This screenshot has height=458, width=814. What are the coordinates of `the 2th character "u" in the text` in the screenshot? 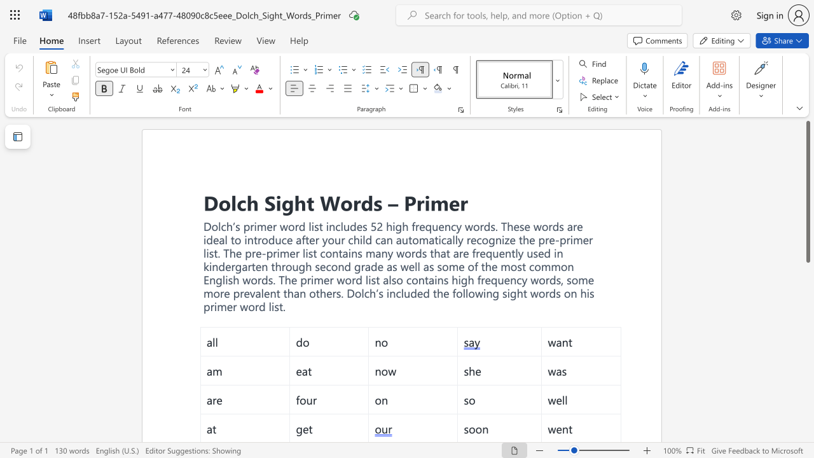 It's located at (435, 225).